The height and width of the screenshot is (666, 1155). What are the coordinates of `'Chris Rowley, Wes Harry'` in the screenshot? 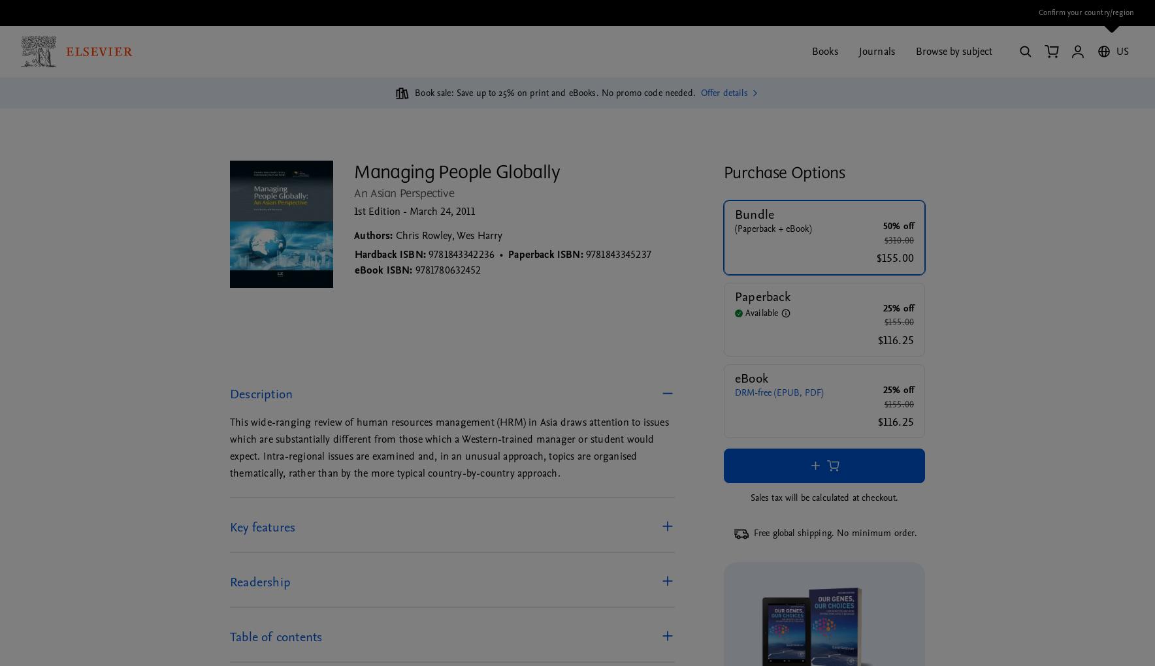 It's located at (449, 234).